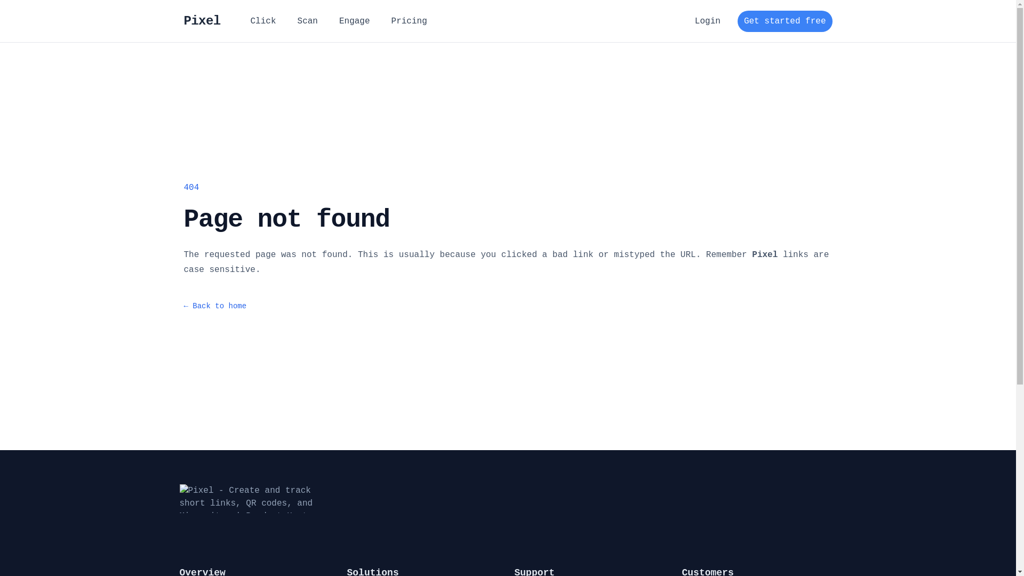 The width and height of the screenshot is (1024, 576). What do you see at coordinates (409, 21) in the screenshot?
I see `'Pricing'` at bounding box center [409, 21].